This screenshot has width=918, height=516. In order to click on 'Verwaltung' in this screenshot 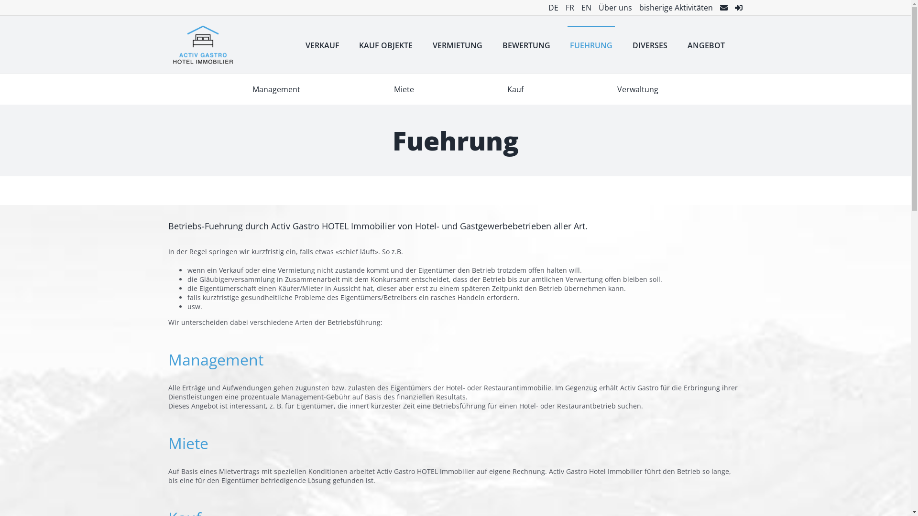, I will do `click(638, 89)`.